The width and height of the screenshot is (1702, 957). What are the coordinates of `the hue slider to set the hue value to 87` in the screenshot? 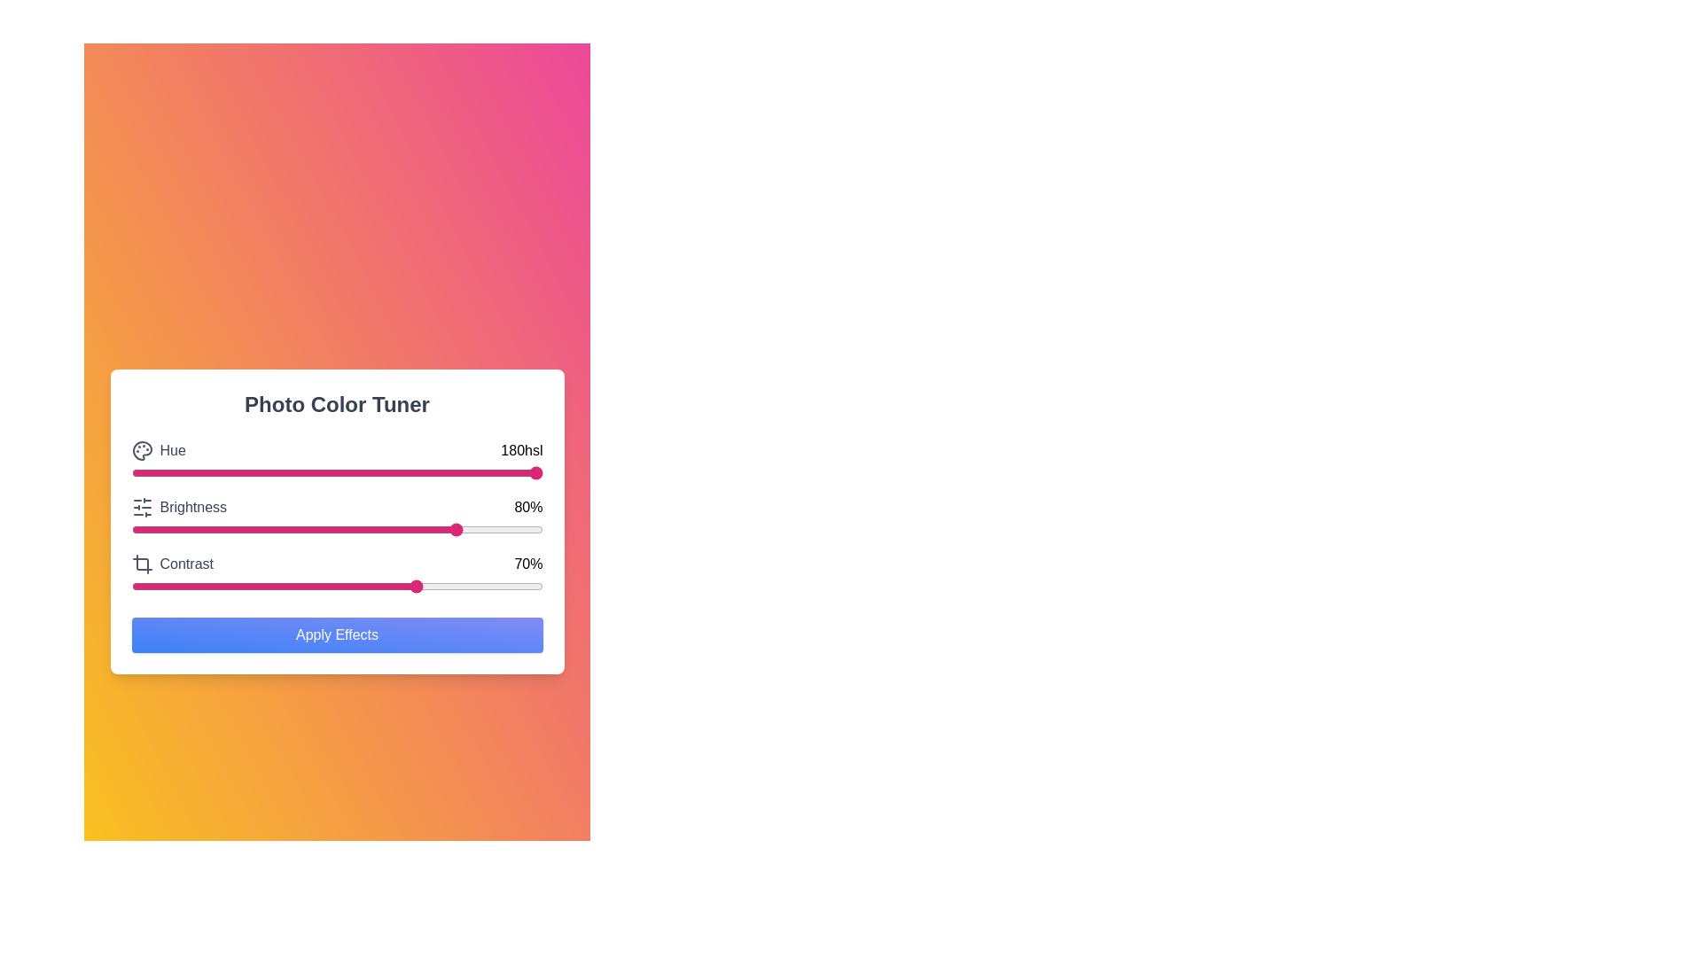 It's located at (489, 471).